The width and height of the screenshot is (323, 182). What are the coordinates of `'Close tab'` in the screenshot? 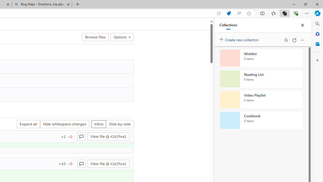 It's located at (68, 4).